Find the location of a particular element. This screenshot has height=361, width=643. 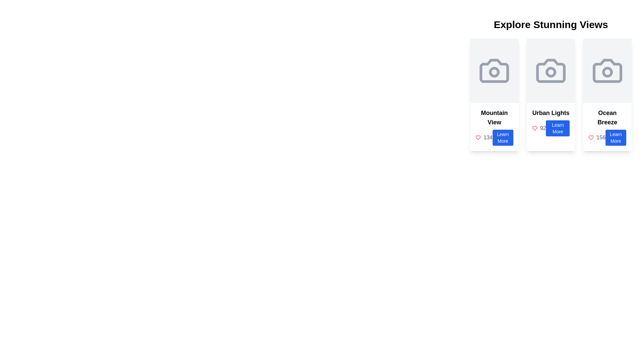

the decorative icon representing photography or scenic views located at the top center of the 'Mountain View' card, which is the leftmost card in a series of three horizontally aligned cards is located at coordinates (494, 71).